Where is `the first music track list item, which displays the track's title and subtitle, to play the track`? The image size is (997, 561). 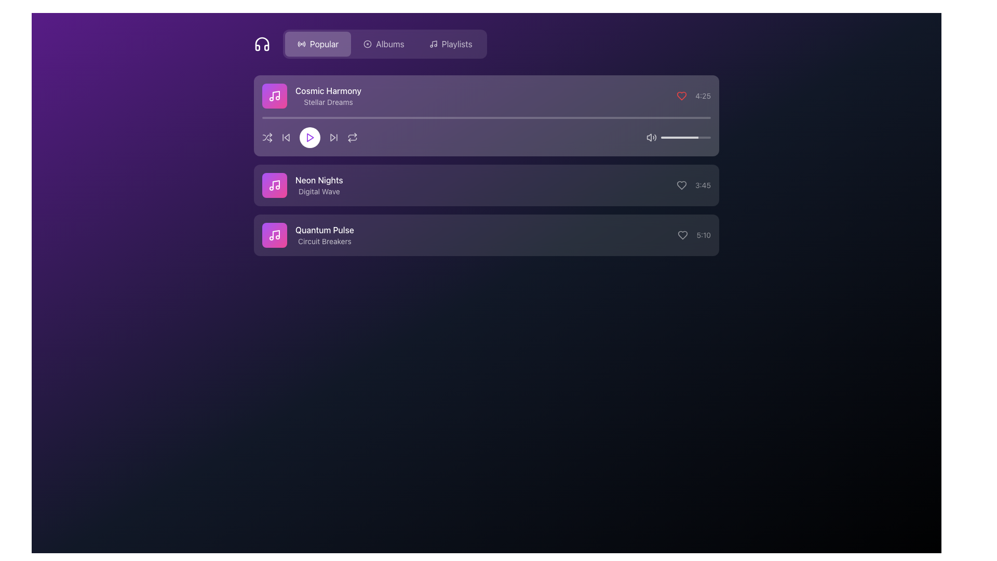
the first music track list item, which displays the track's title and subtitle, to play the track is located at coordinates (311, 96).